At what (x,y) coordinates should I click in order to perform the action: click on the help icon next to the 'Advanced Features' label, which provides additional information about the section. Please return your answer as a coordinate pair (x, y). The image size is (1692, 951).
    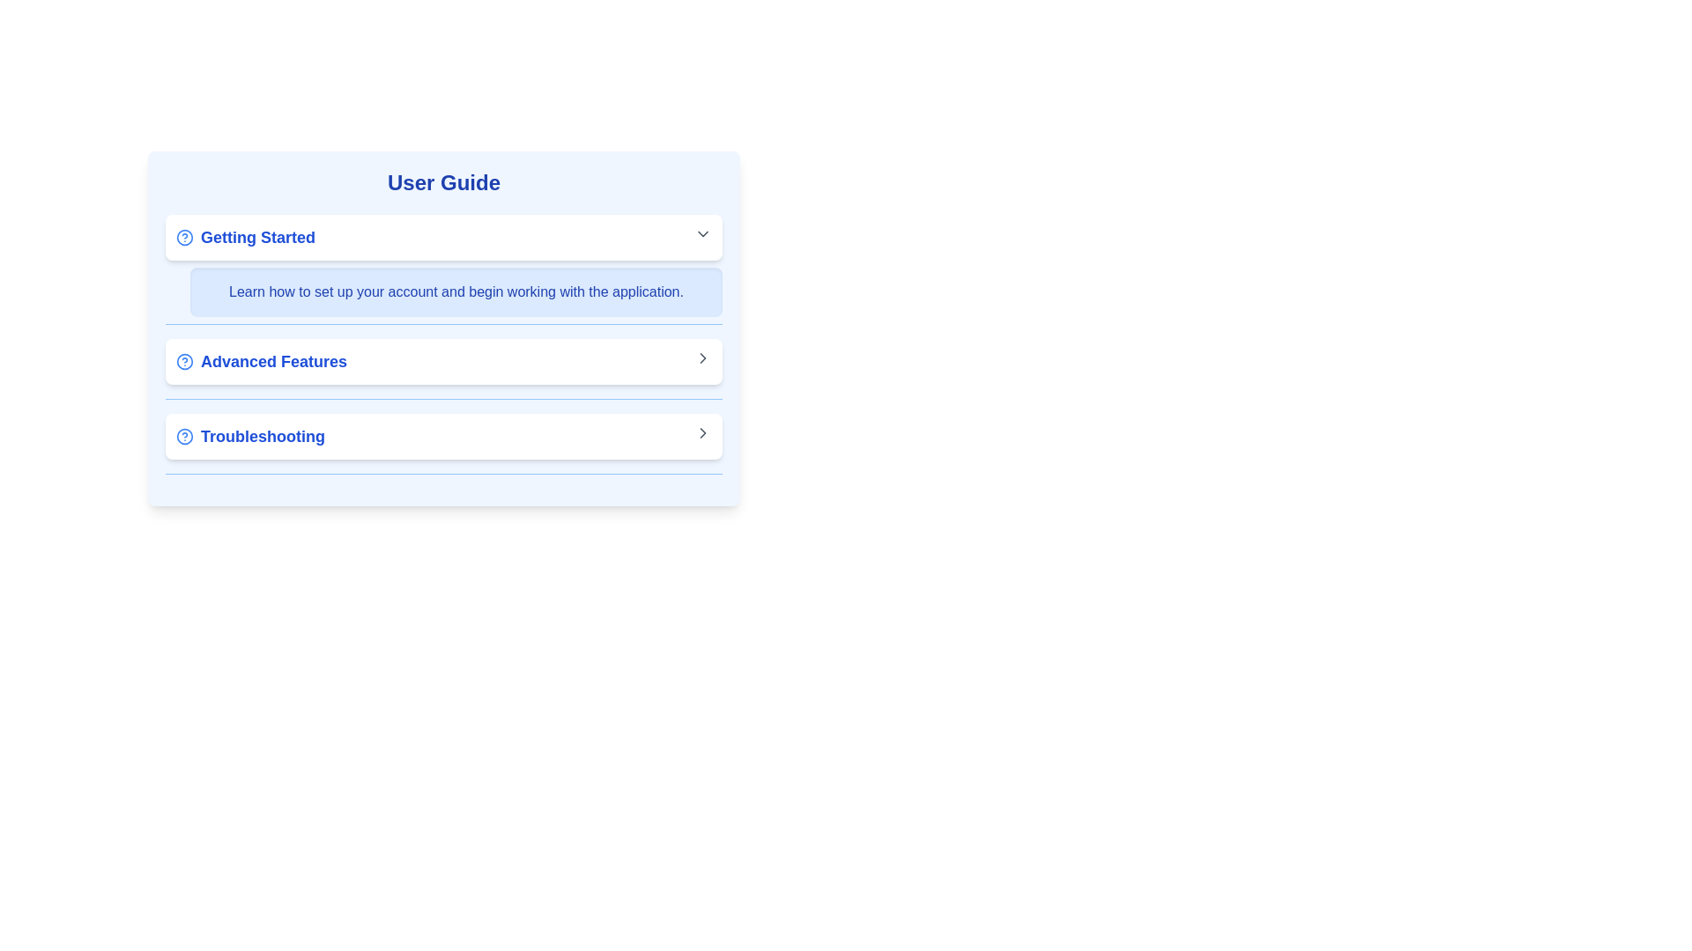
    Looking at the image, I should click on (185, 361).